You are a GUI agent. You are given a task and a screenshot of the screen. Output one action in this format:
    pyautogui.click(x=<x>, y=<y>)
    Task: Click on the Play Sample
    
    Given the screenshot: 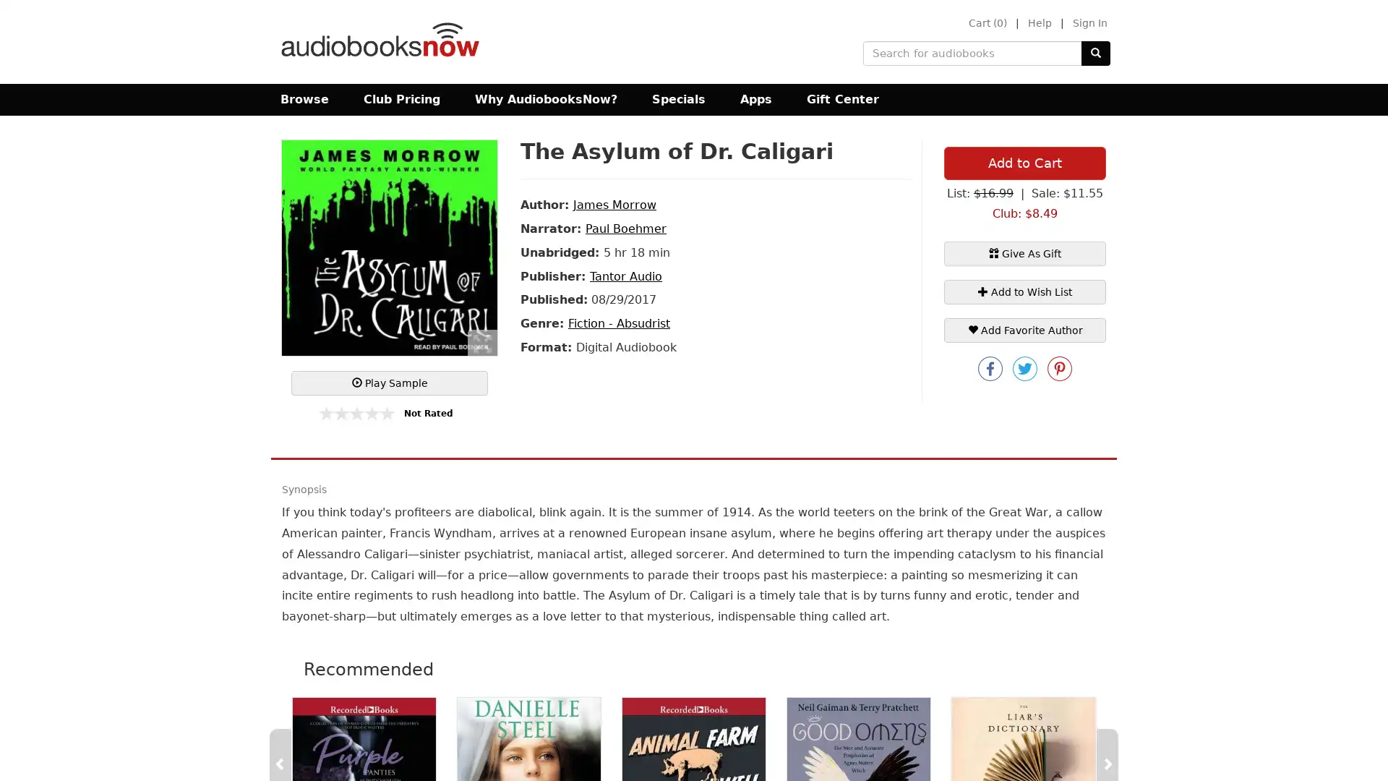 What is the action you would take?
    pyautogui.click(x=389, y=382)
    